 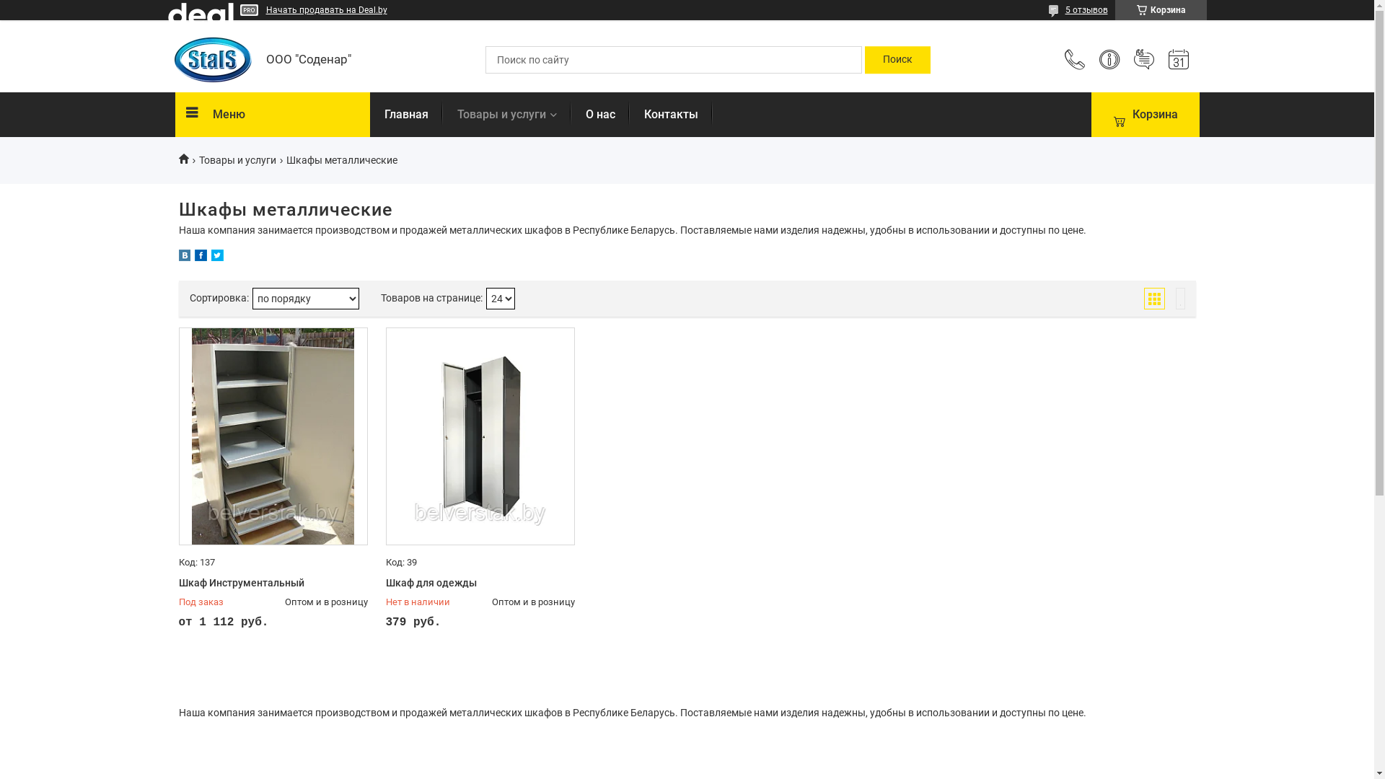 I want to click on 'twitter', so click(x=210, y=257).